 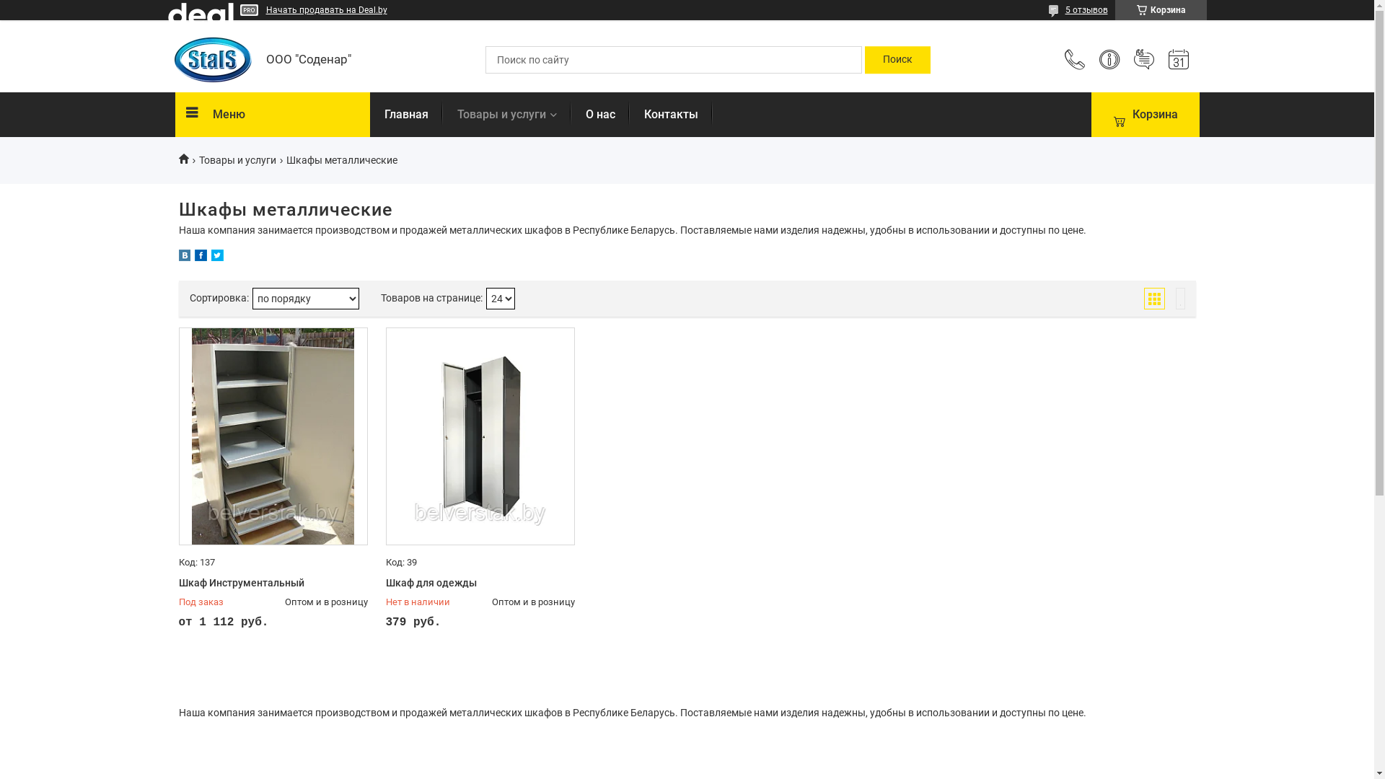 I want to click on 'twitter', so click(x=210, y=257).